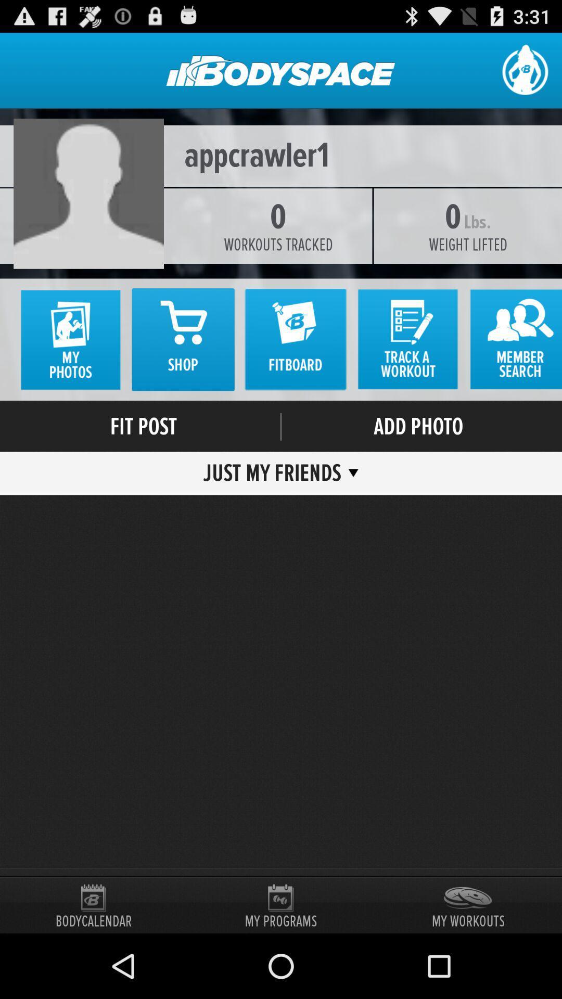  I want to click on the lbs. icon, so click(477, 222).